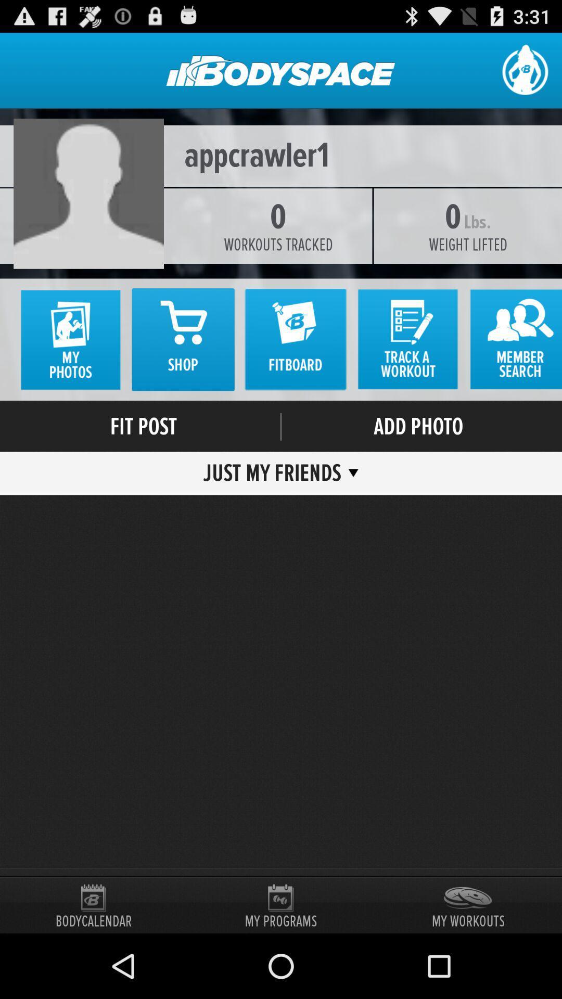  I want to click on the lbs. icon, so click(477, 222).